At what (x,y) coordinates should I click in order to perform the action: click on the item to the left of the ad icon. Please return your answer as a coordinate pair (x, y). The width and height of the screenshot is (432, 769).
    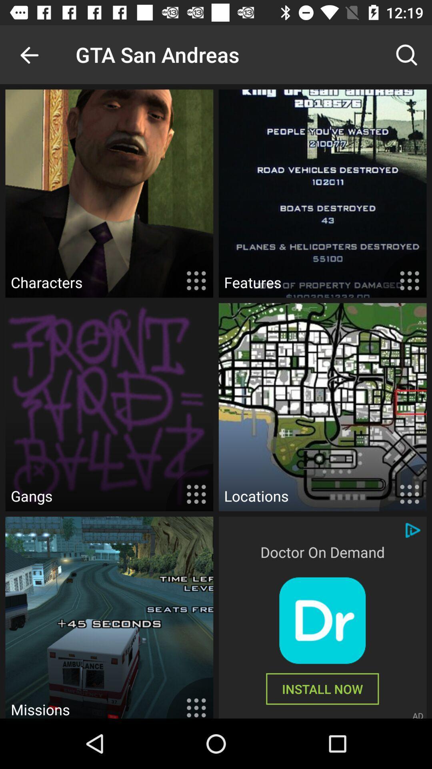
    Looking at the image, I should click on (322, 688).